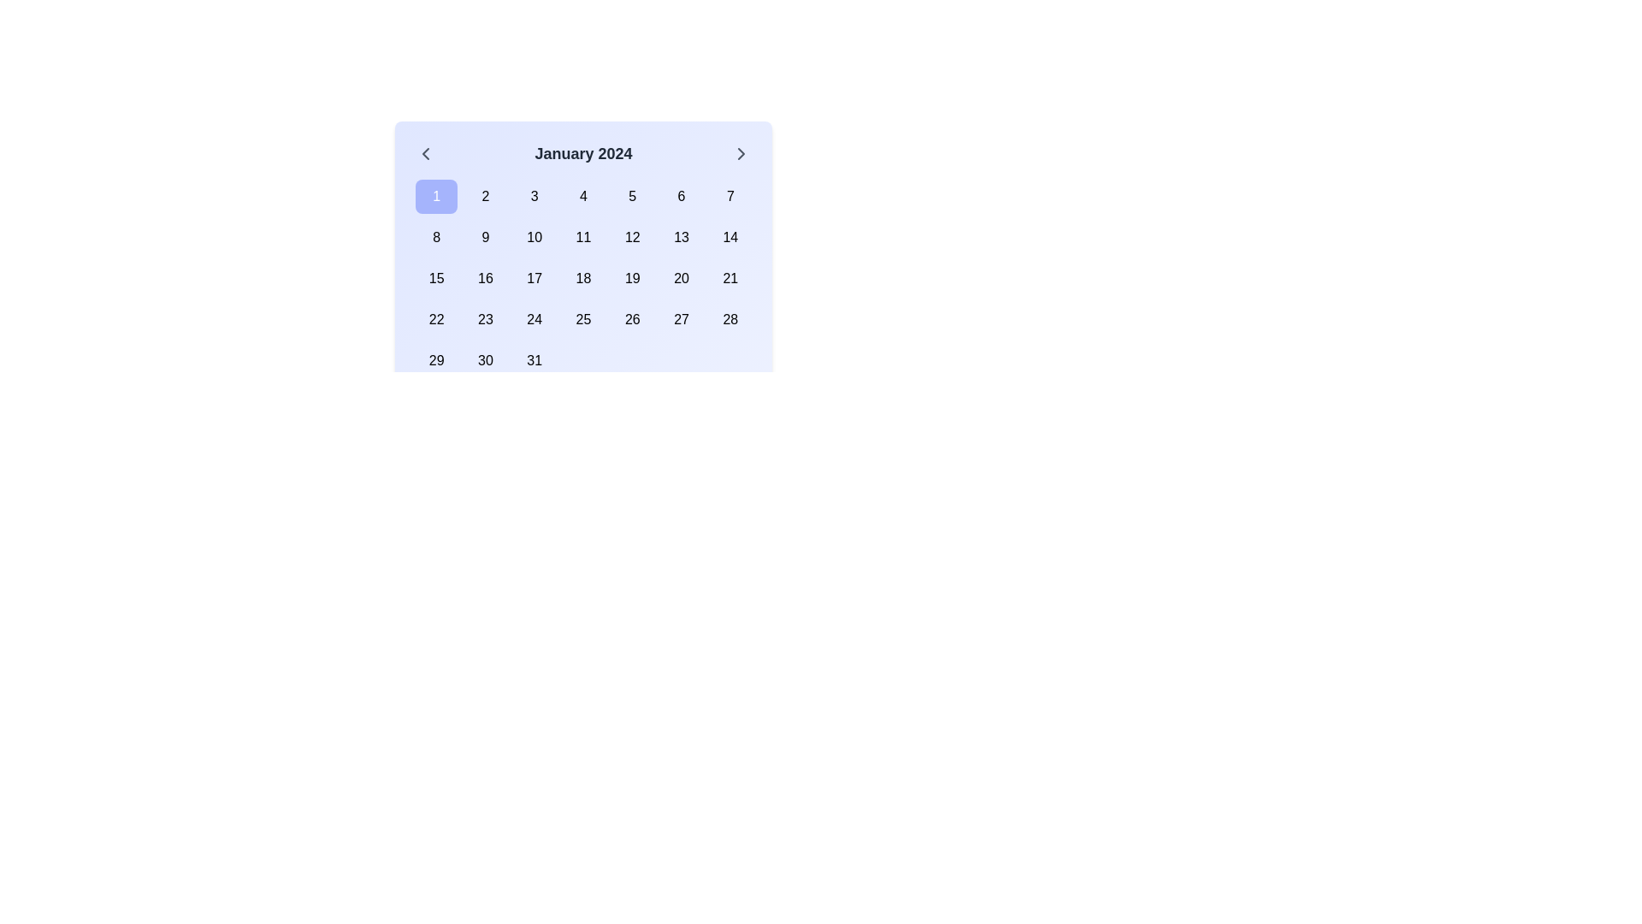  I want to click on the Interactive calendar day button labeled '9' to trigger the hover effect, which changes its background color to indigo, so click(484, 237).